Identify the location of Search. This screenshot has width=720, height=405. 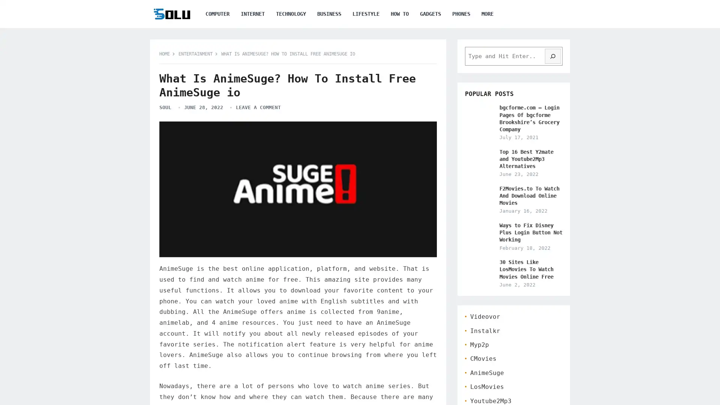
(552, 56).